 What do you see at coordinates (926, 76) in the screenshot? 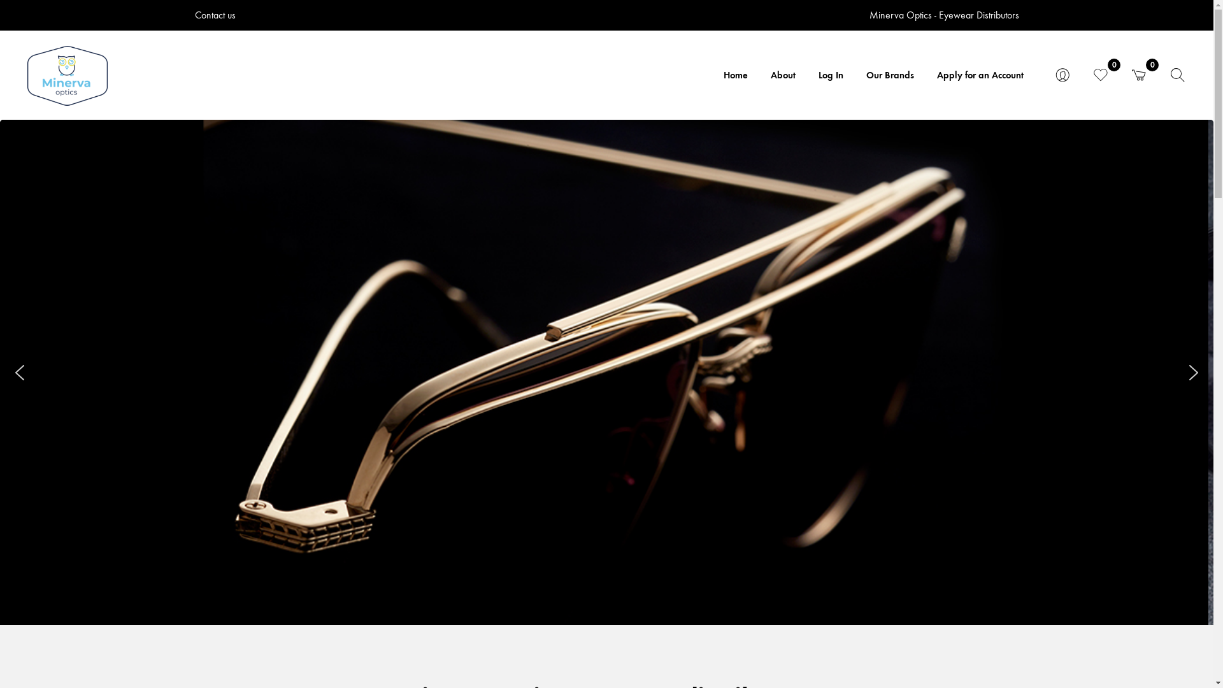
I see `'Apply for an Account'` at bounding box center [926, 76].